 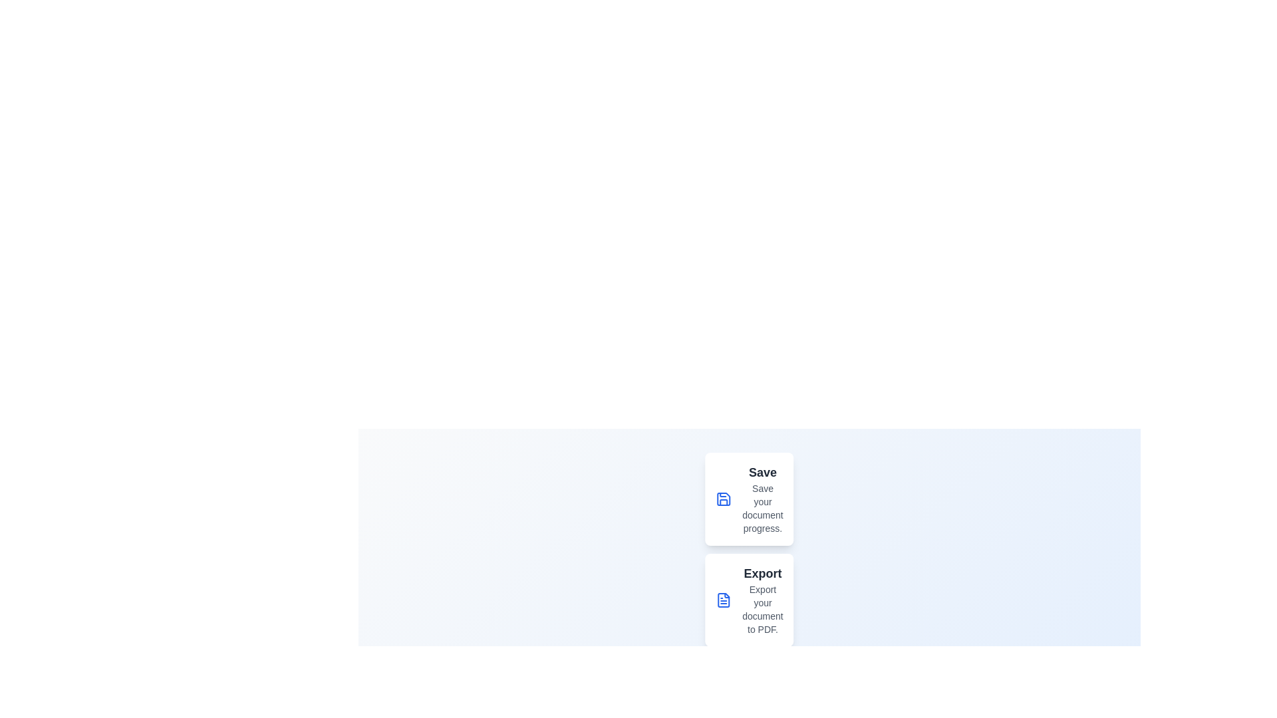 I want to click on the menu option Save from the speed dial menu, so click(x=750, y=499).